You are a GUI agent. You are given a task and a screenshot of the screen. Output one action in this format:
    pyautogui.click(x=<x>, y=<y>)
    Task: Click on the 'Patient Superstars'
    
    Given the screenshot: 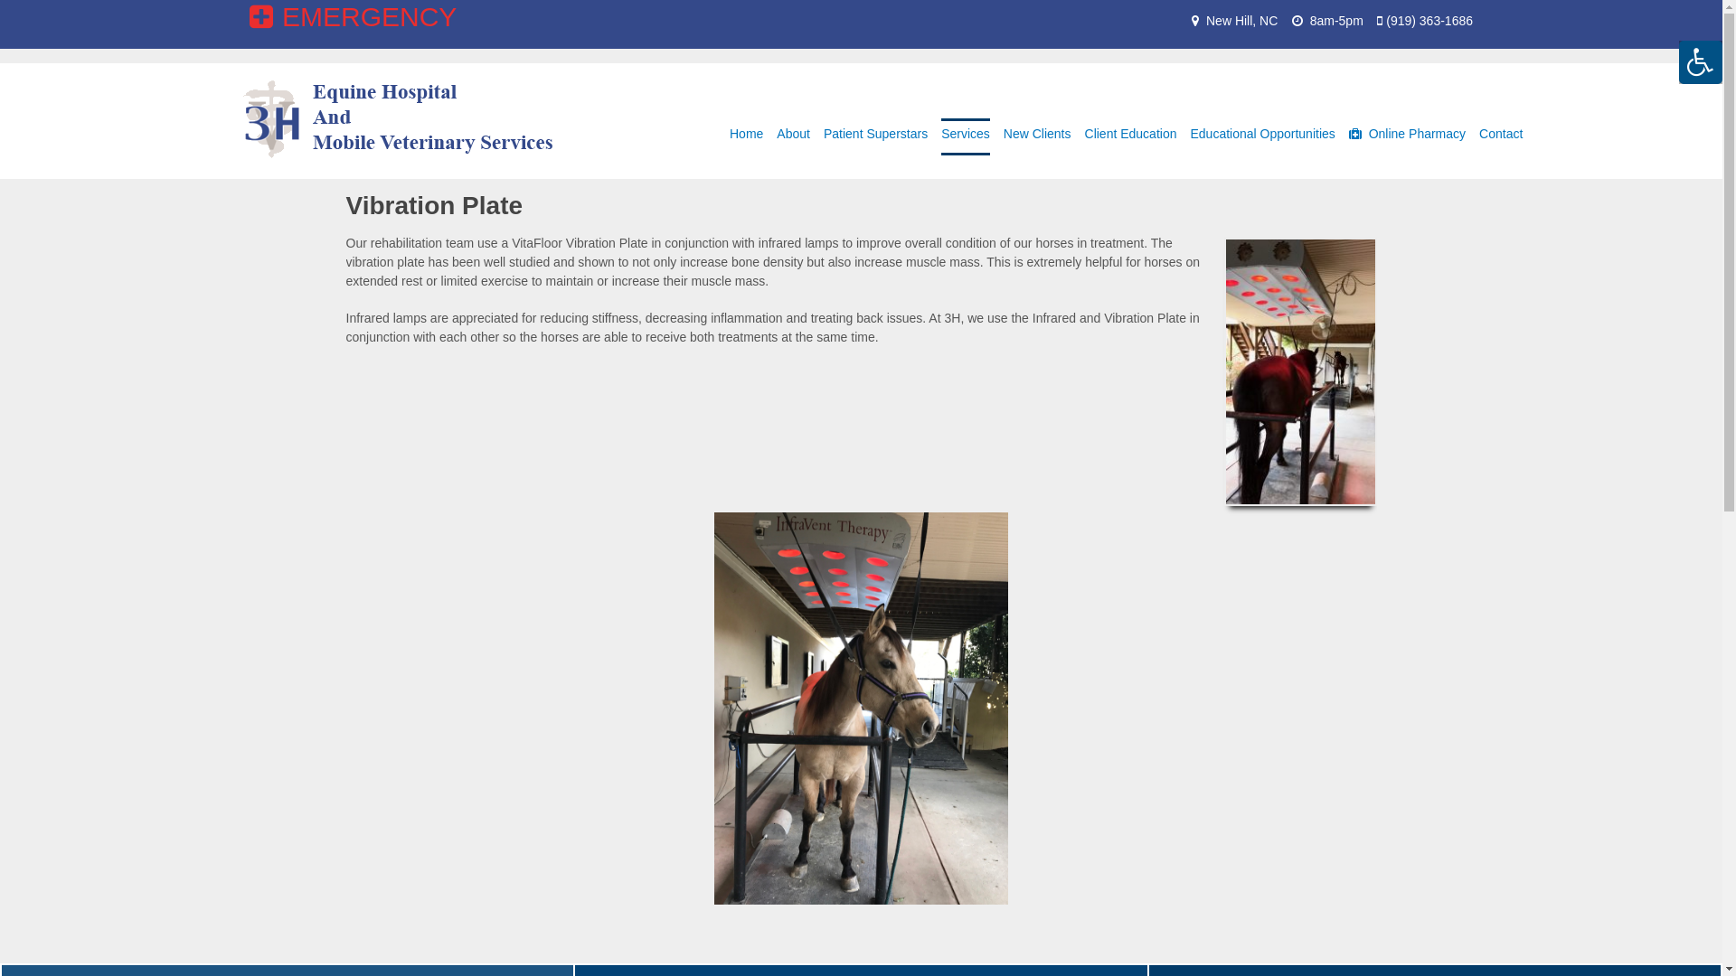 What is the action you would take?
    pyautogui.click(x=875, y=140)
    